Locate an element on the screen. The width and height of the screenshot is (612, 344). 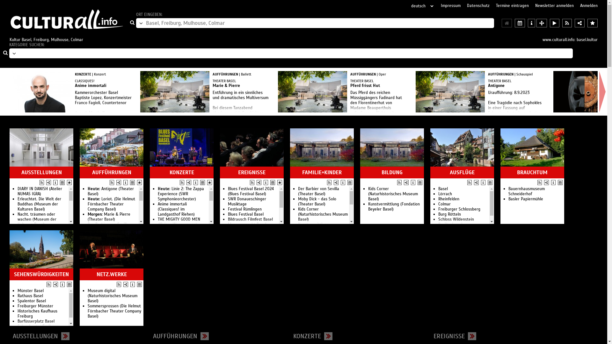
'Datenschutz' is located at coordinates (478, 6).